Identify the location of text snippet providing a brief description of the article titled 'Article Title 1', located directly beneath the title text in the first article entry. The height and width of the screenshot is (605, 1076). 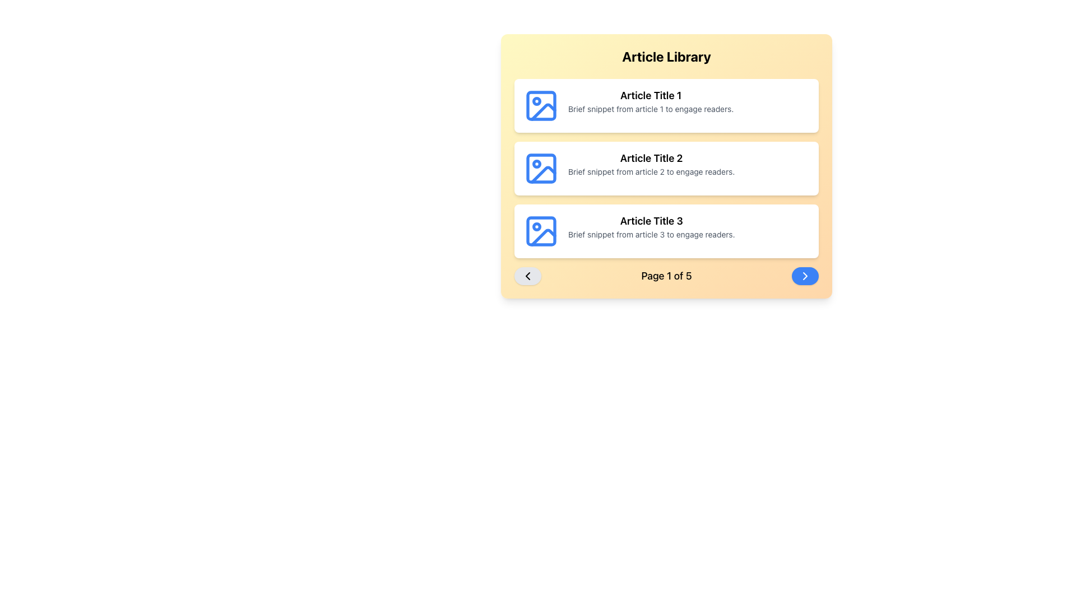
(651, 109).